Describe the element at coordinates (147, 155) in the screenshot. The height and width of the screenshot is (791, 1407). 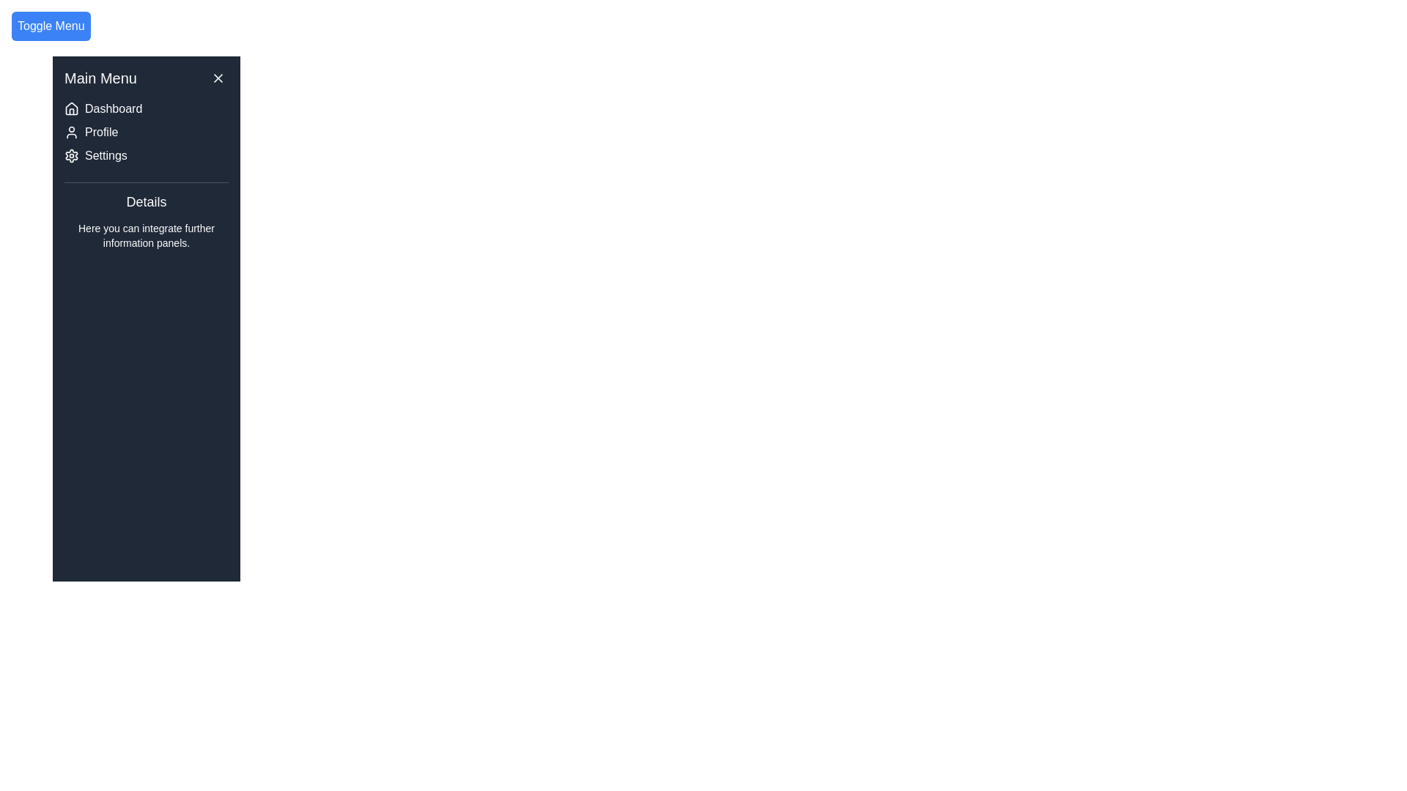
I see `the third item in the vertical navigation menu, located below 'Profile' and above 'Details'` at that location.